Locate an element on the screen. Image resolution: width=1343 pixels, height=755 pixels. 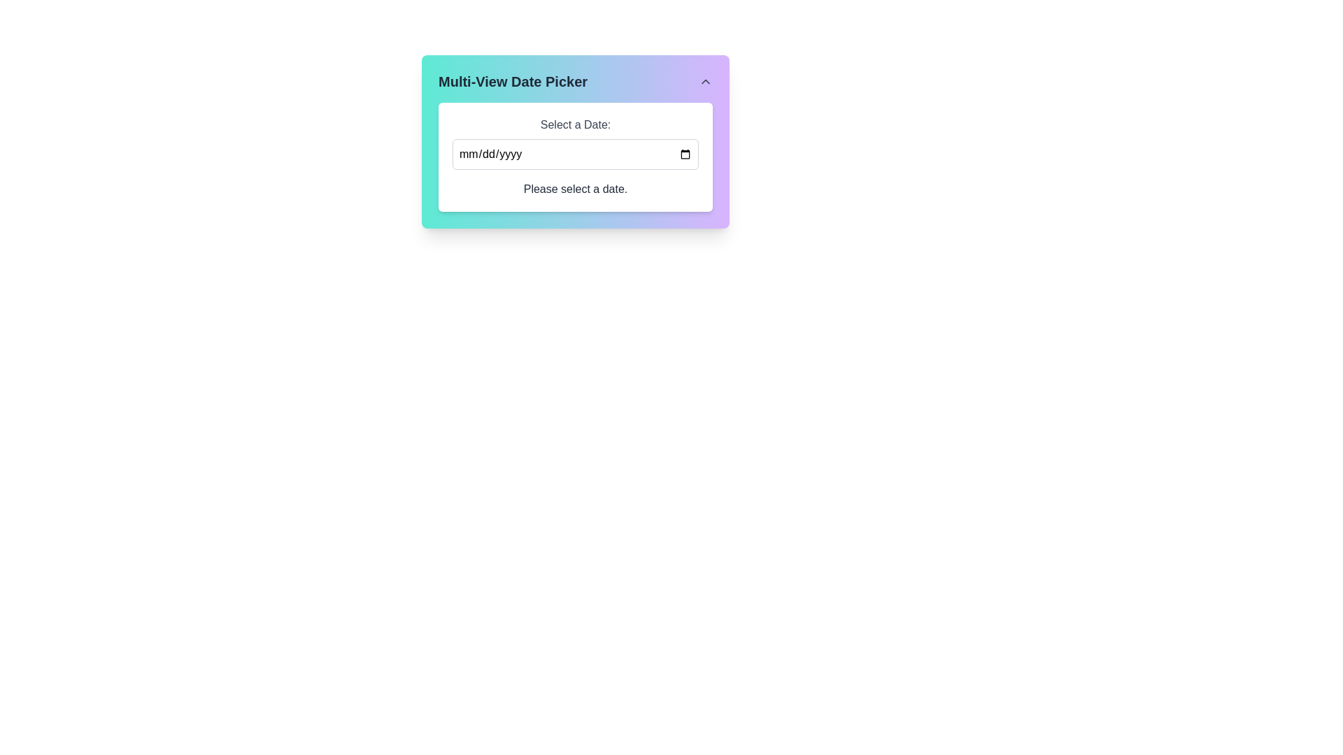
the text label 'Multi-View Date Picker' which is styled with a larger font size and bold emphasis, located at the top left of the card is located at coordinates (512, 81).